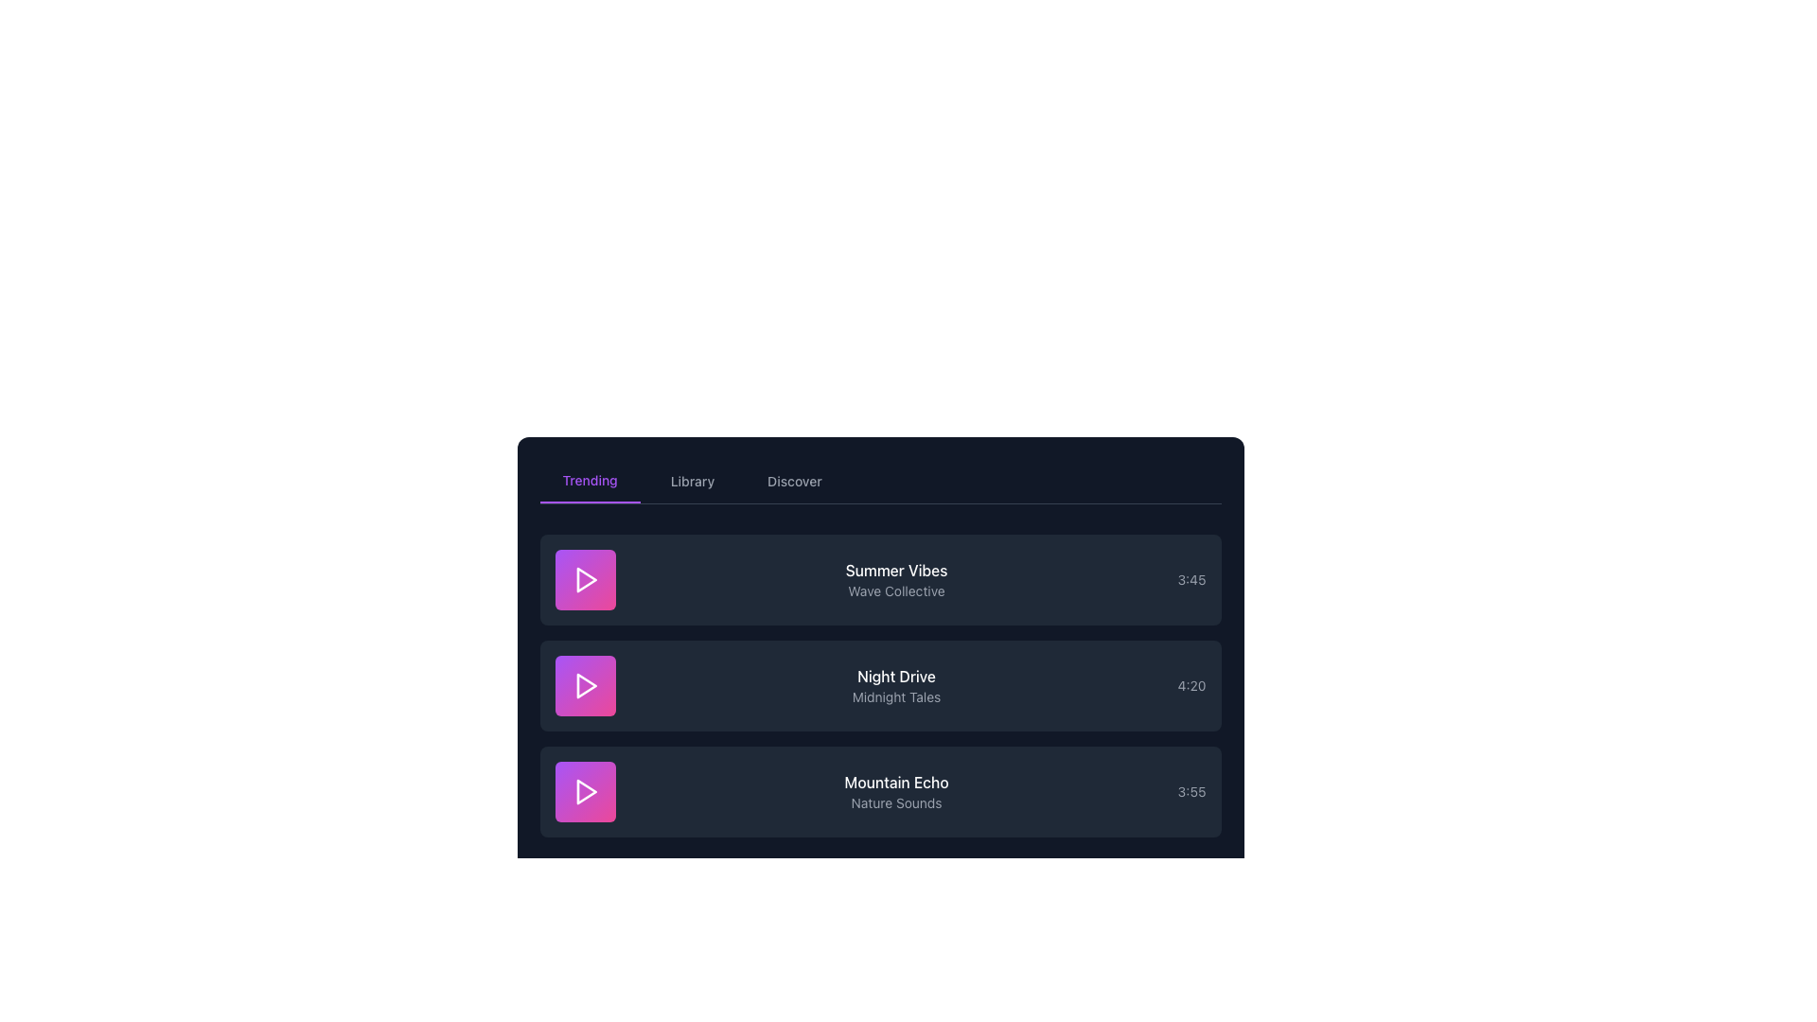 Image resolution: width=1817 pixels, height=1022 pixels. Describe the element at coordinates (879, 579) in the screenshot. I see `the first interactive media track card in the 'Trending' section, which displays the title 'Summer Vibes'` at that location.